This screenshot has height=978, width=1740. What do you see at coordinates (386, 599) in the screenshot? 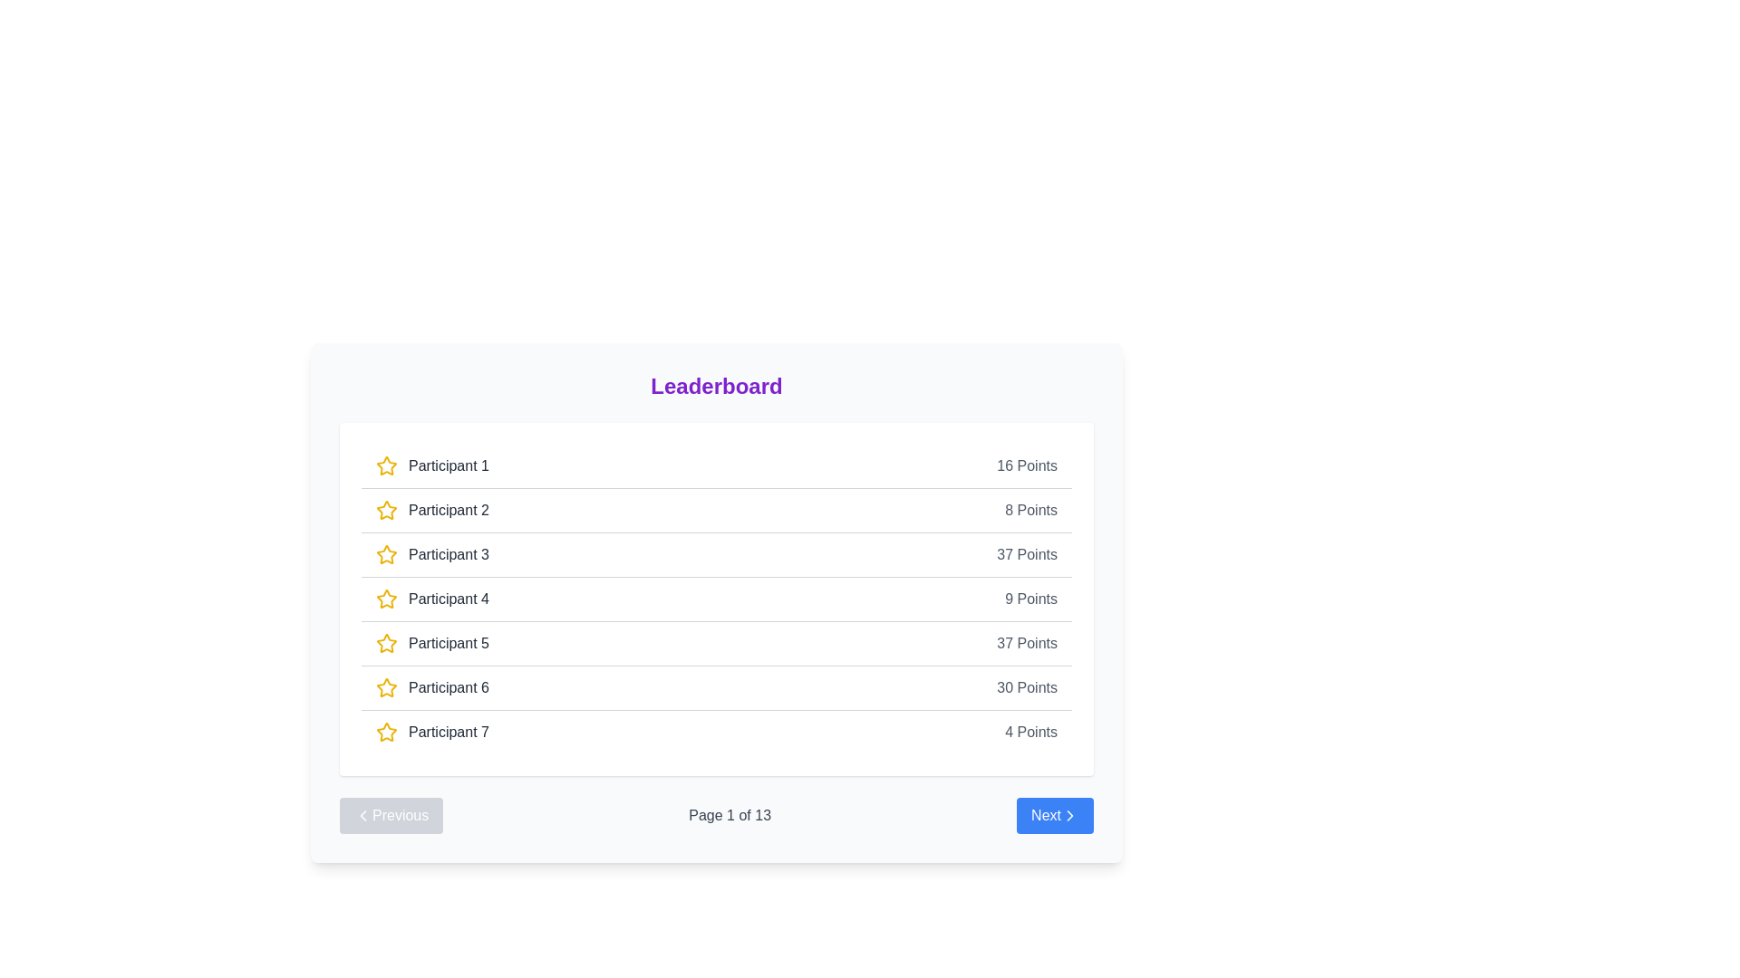
I see `the fourth star icon with a yellow outline and a white fill beside the text 'Participant 4'` at bounding box center [386, 599].